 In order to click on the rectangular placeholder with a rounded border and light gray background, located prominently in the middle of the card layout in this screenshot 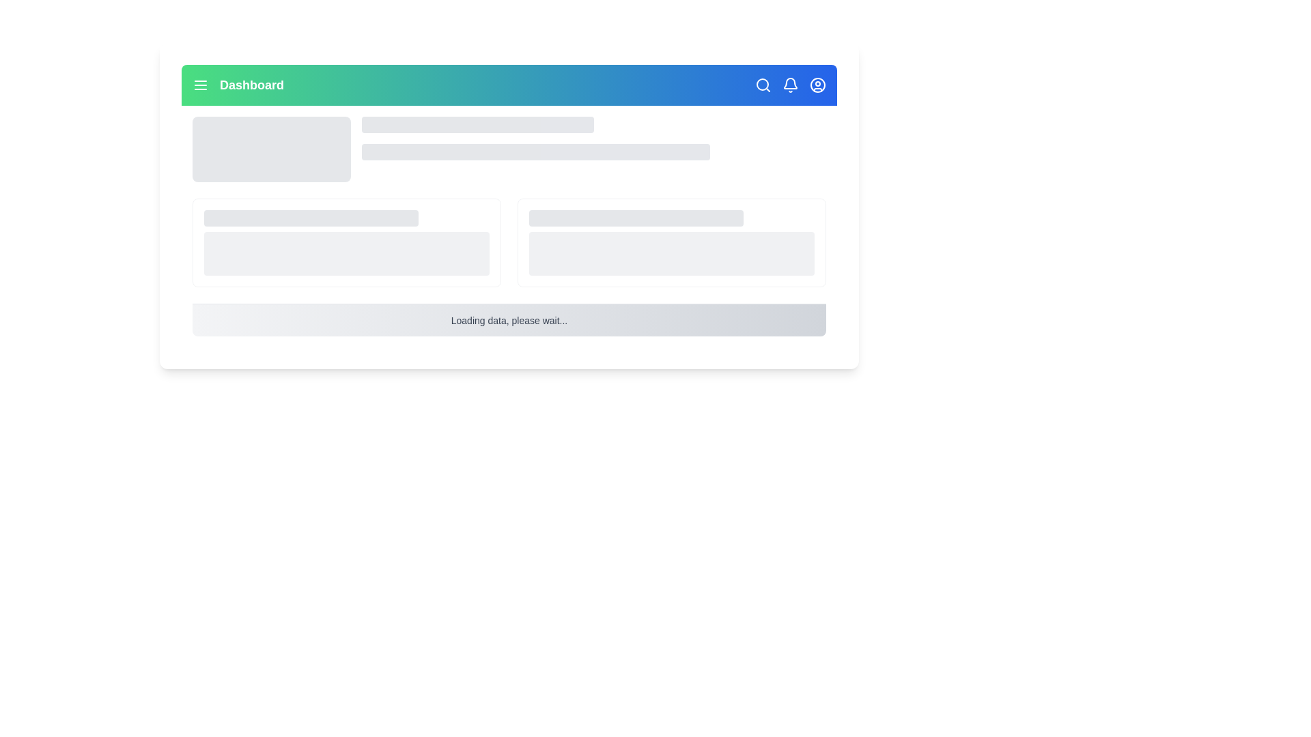, I will do `click(347, 253)`.